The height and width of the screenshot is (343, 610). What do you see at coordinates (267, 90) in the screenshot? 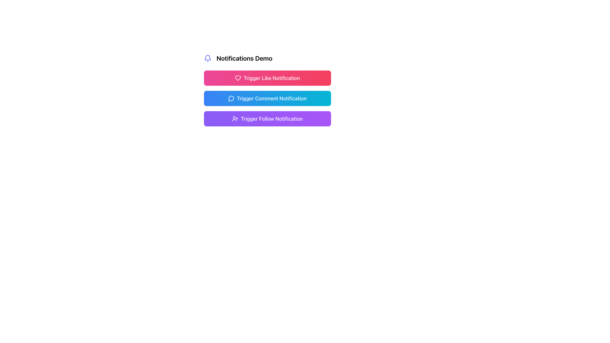
I see `the second button under the heading 'Notifications Demo'` at bounding box center [267, 90].